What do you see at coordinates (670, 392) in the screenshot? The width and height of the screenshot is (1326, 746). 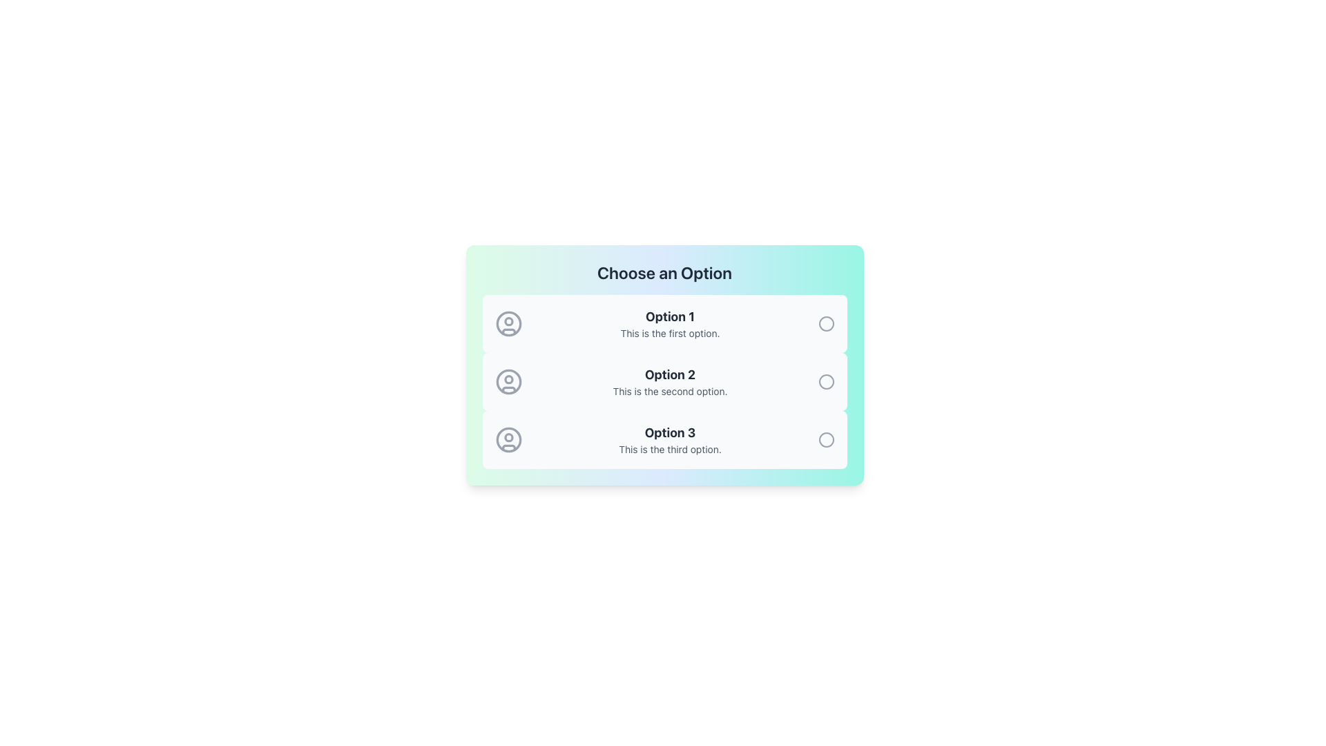 I see `the text label providing additional information about 'Option 2', positioned as the second line in the middle option card` at bounding box center [670, 392].